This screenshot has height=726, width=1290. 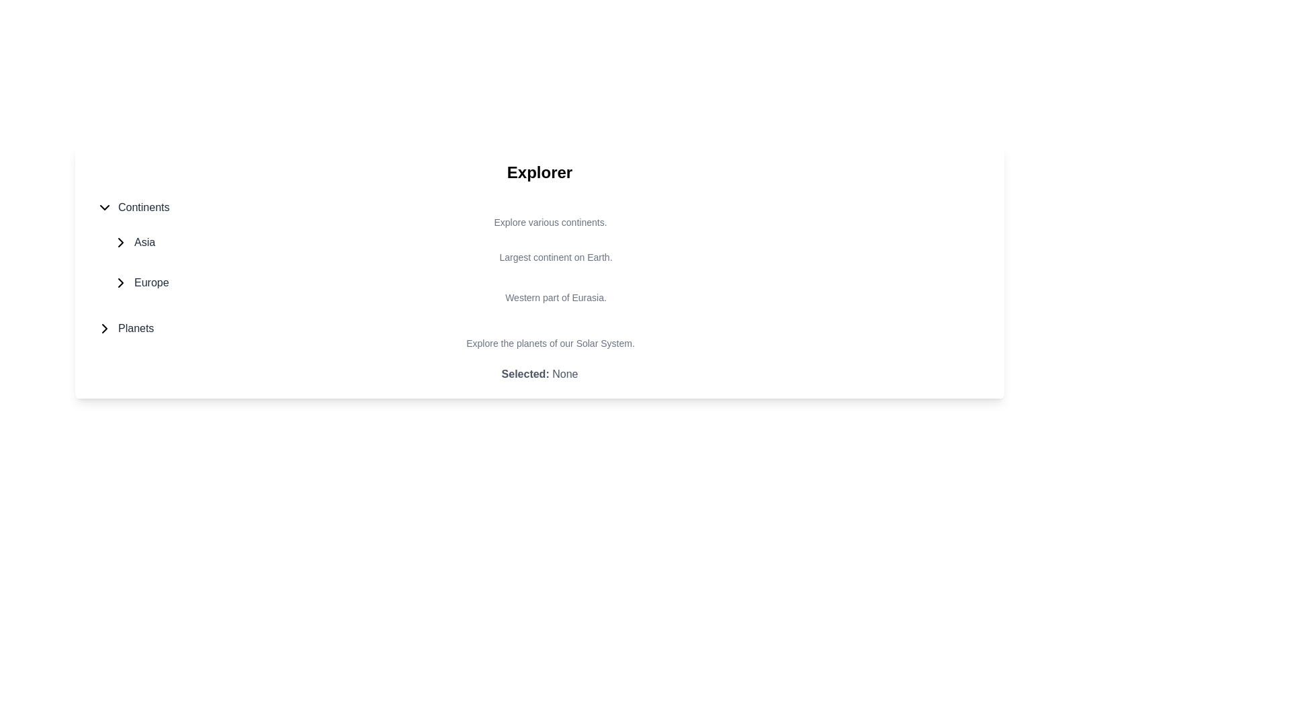 I want to click on the list item for 'Europe' in the 'Explorer' section, so click(x=545, y=289).